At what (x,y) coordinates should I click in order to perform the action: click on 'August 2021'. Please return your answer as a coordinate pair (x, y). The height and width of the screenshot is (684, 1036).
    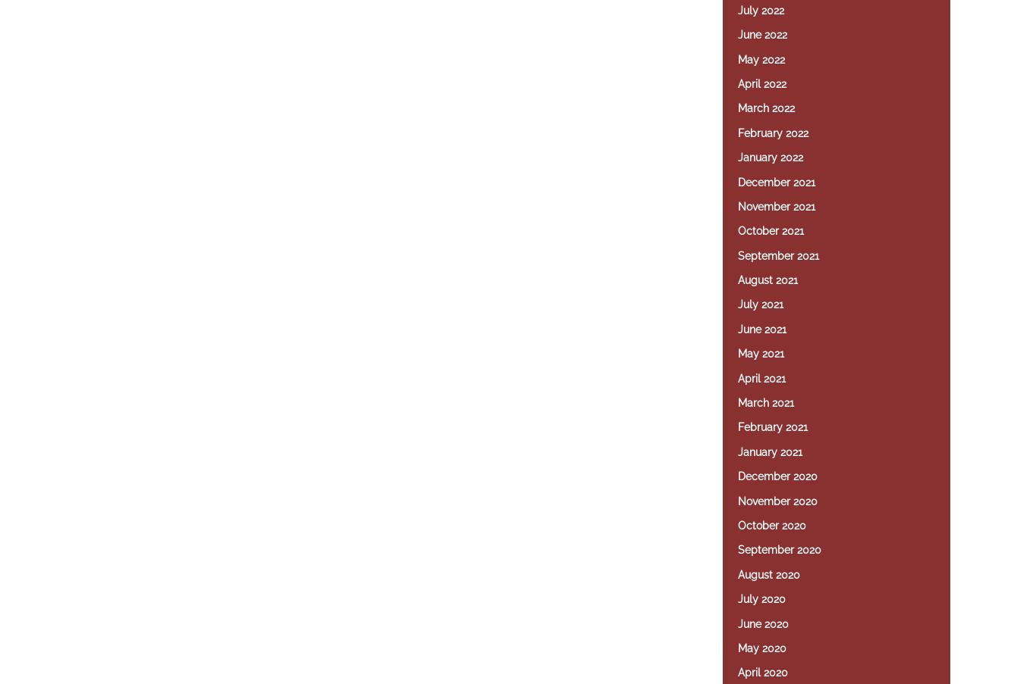
    Looking at the image, I should click on (768, 280).